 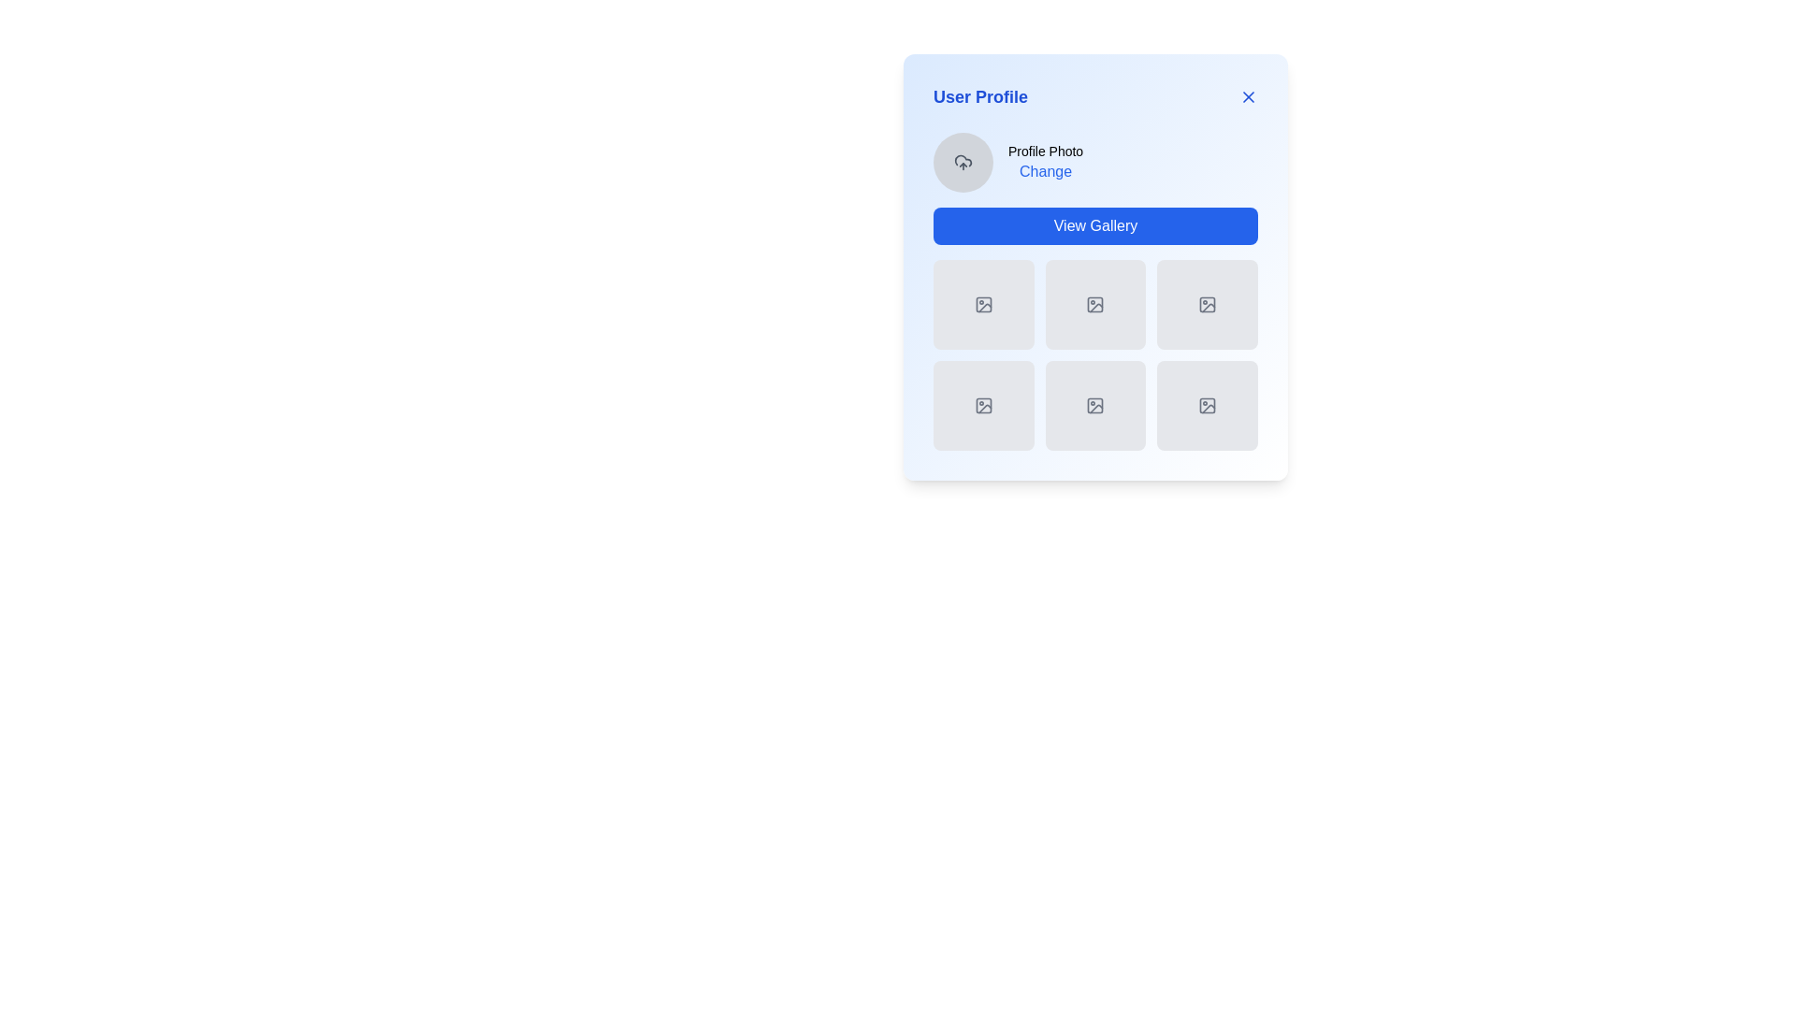 I want to click on the image placeholder icon located in the lower middle position of a 3x2 grid layout, so click(x=1095, y=405).